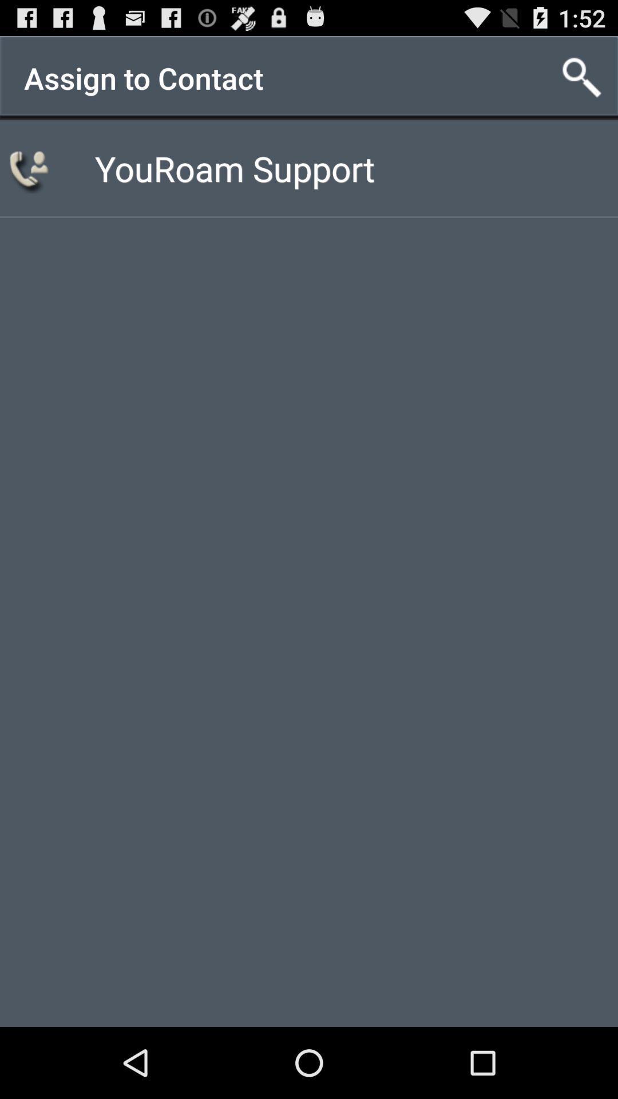 This screenshot has height=1099, width=618. I want to click on icon at the top right corner, so click(582, 77).